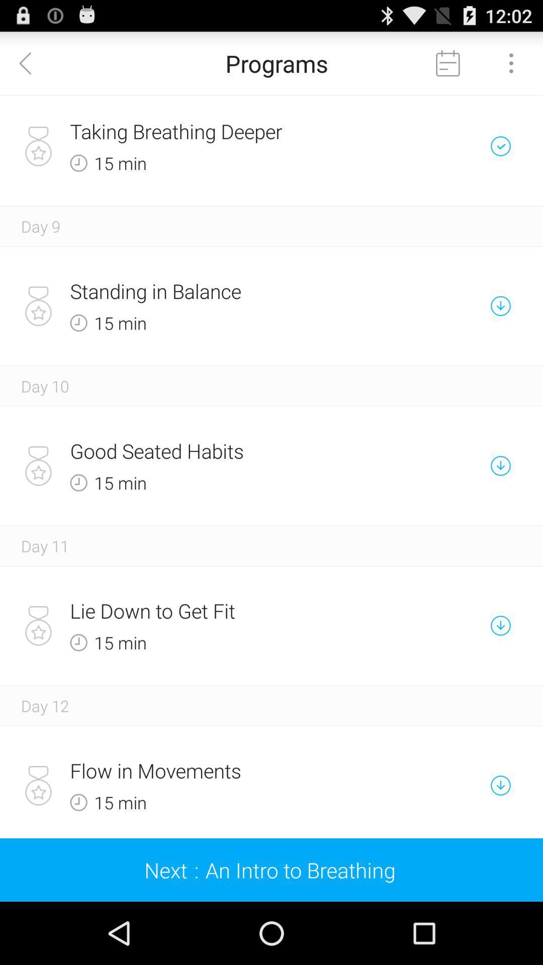  What do you see at coordinates (236, 610) in the screenshot?
I see `item above 15 min icon` at bounding box center [236, 610].